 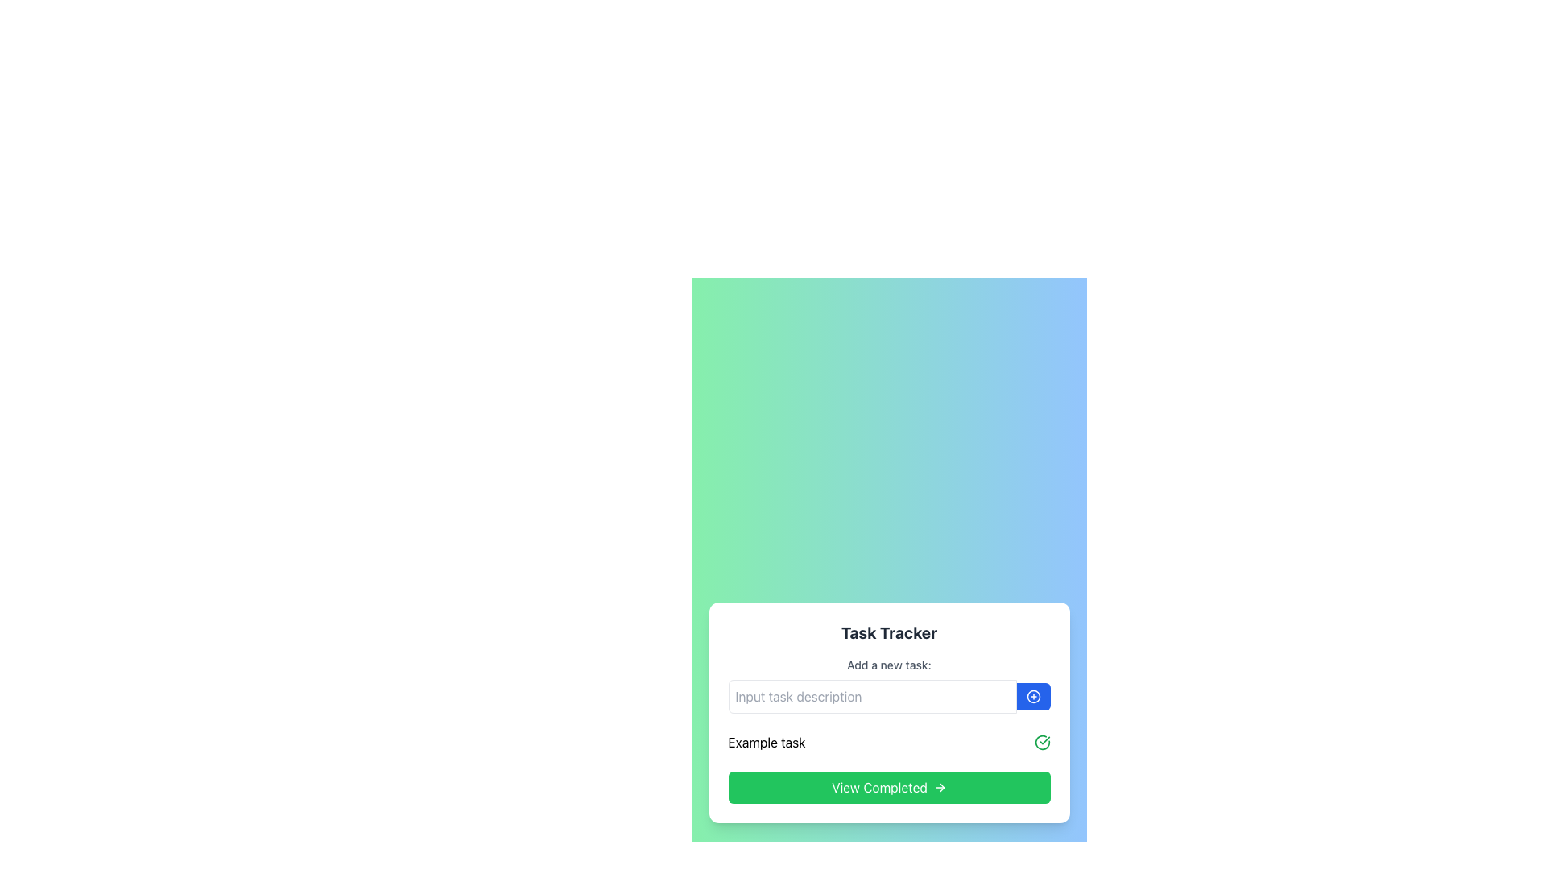 I want to click on the status of the completion icon located on the far right side of the horizontal group containing the task label 'Example task', so click(x=1042, y=742).